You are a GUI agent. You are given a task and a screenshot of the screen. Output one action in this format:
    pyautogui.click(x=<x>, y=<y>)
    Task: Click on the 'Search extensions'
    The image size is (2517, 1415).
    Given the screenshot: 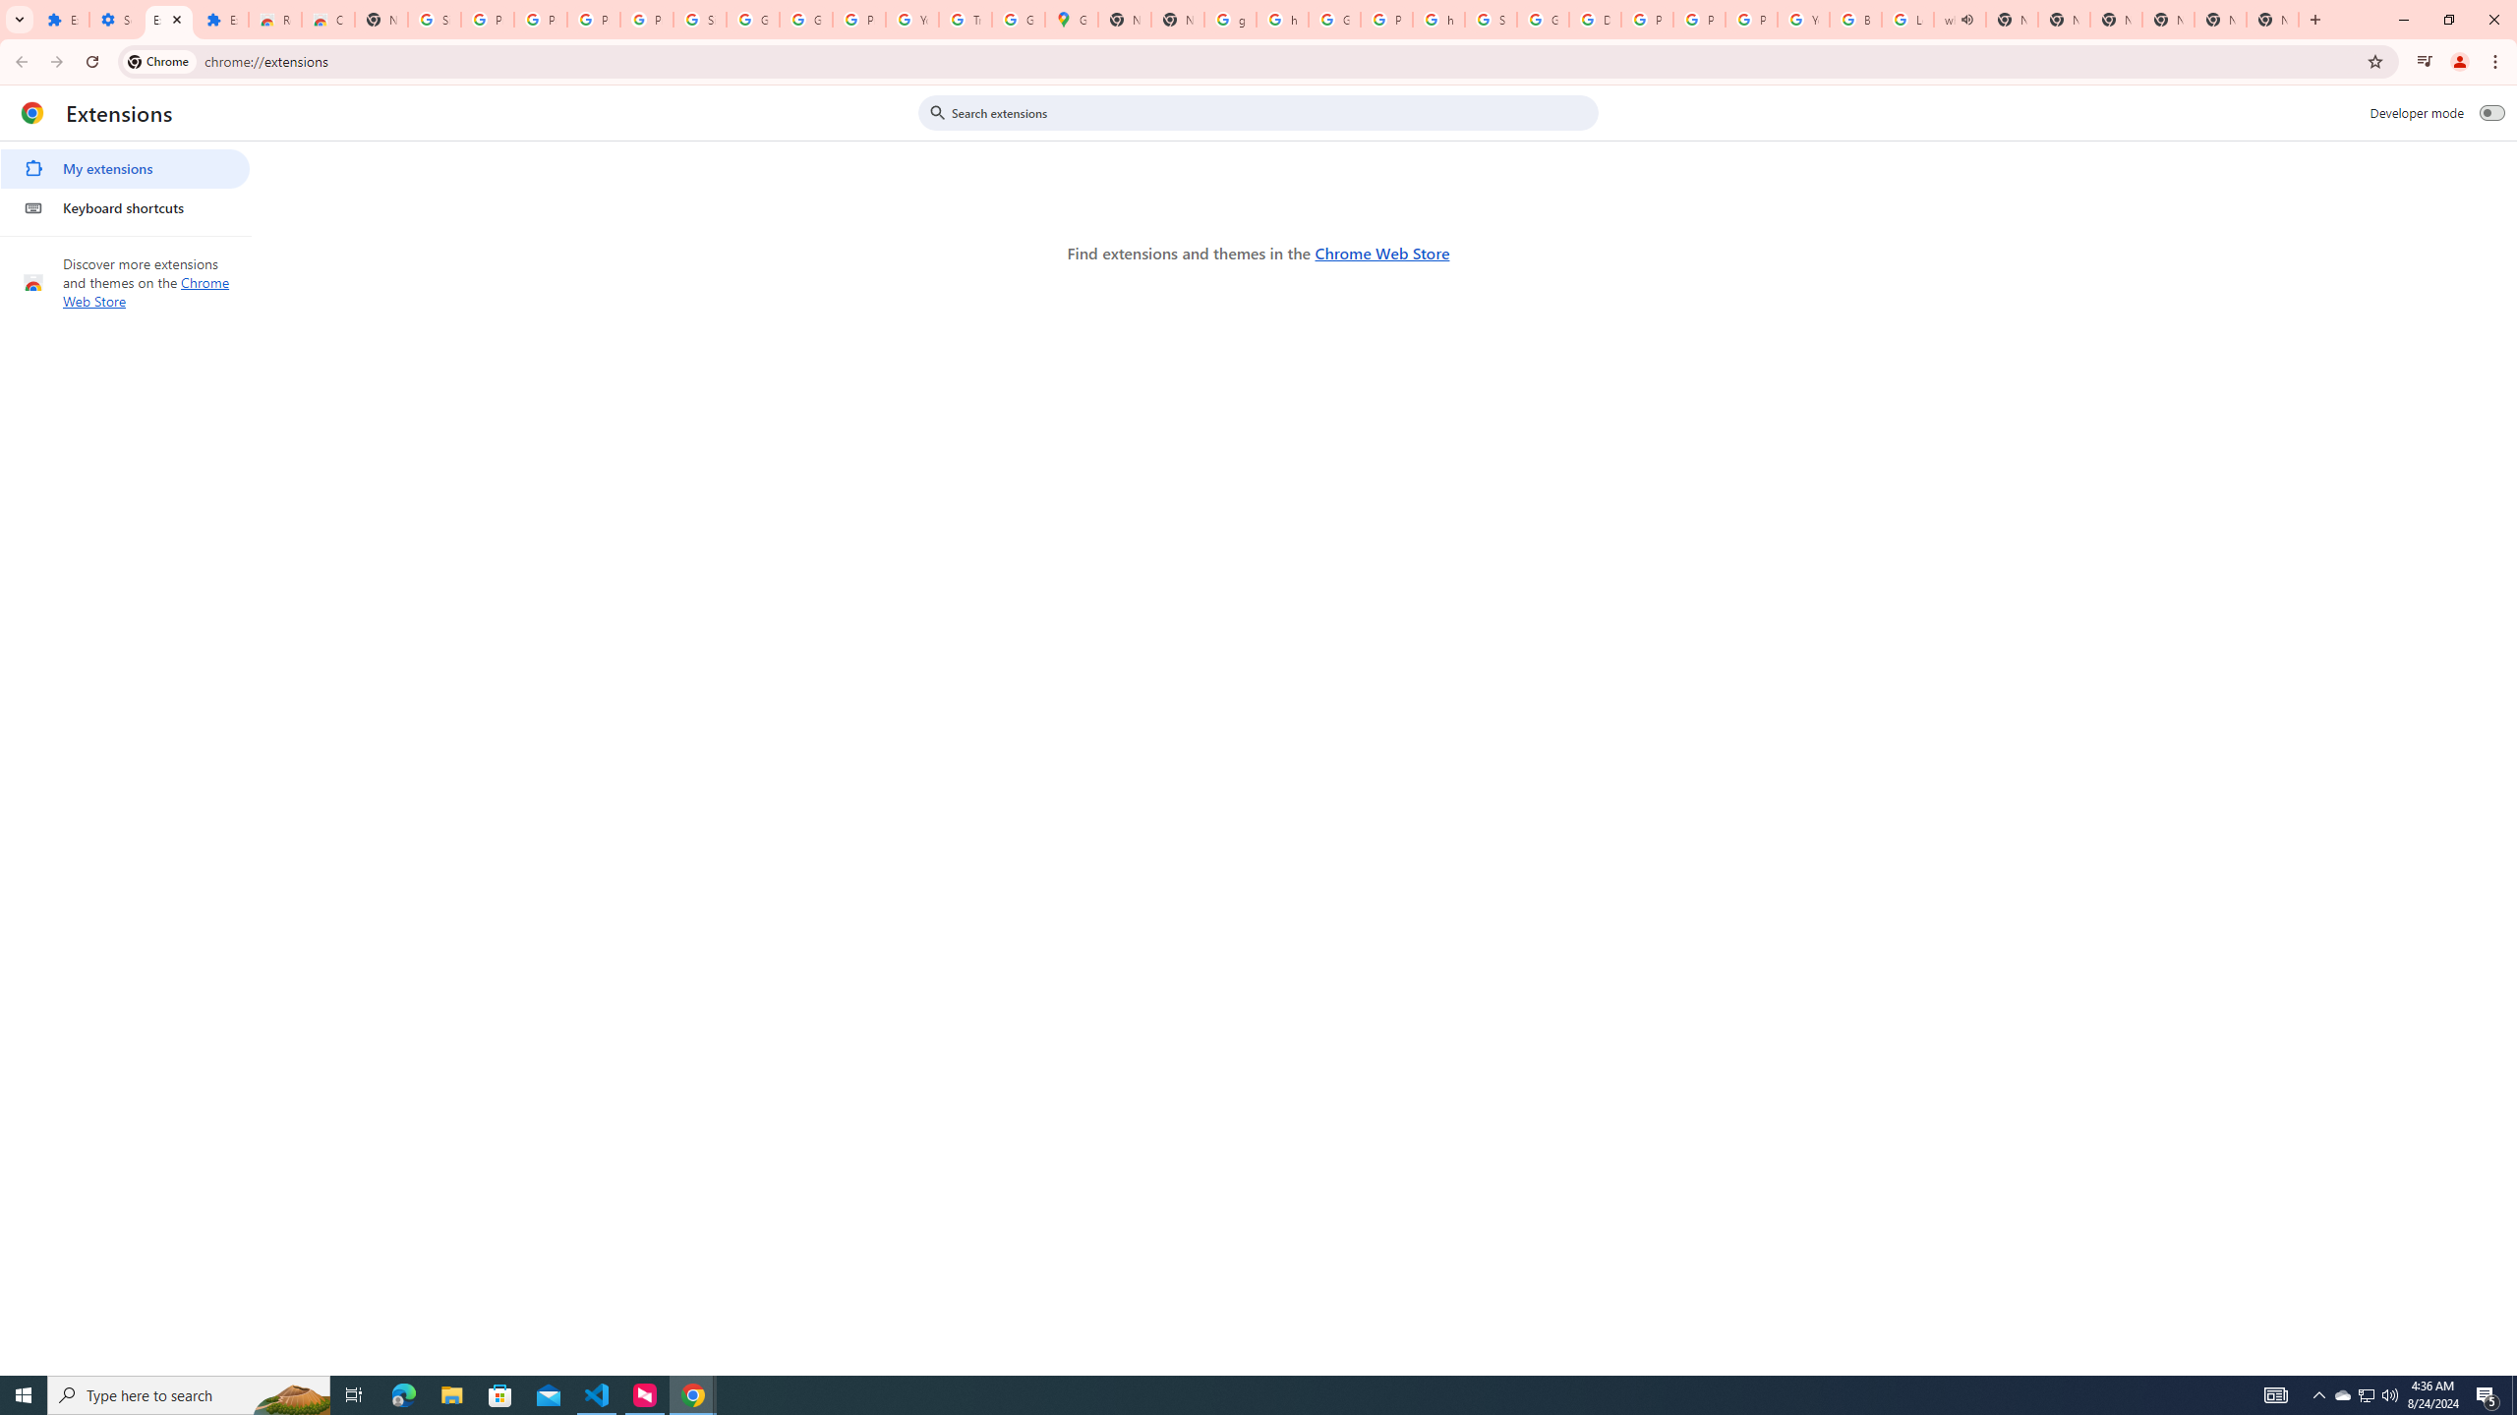 What is the action you would take?
    pyautogui.click(x=1271, y=112)
    